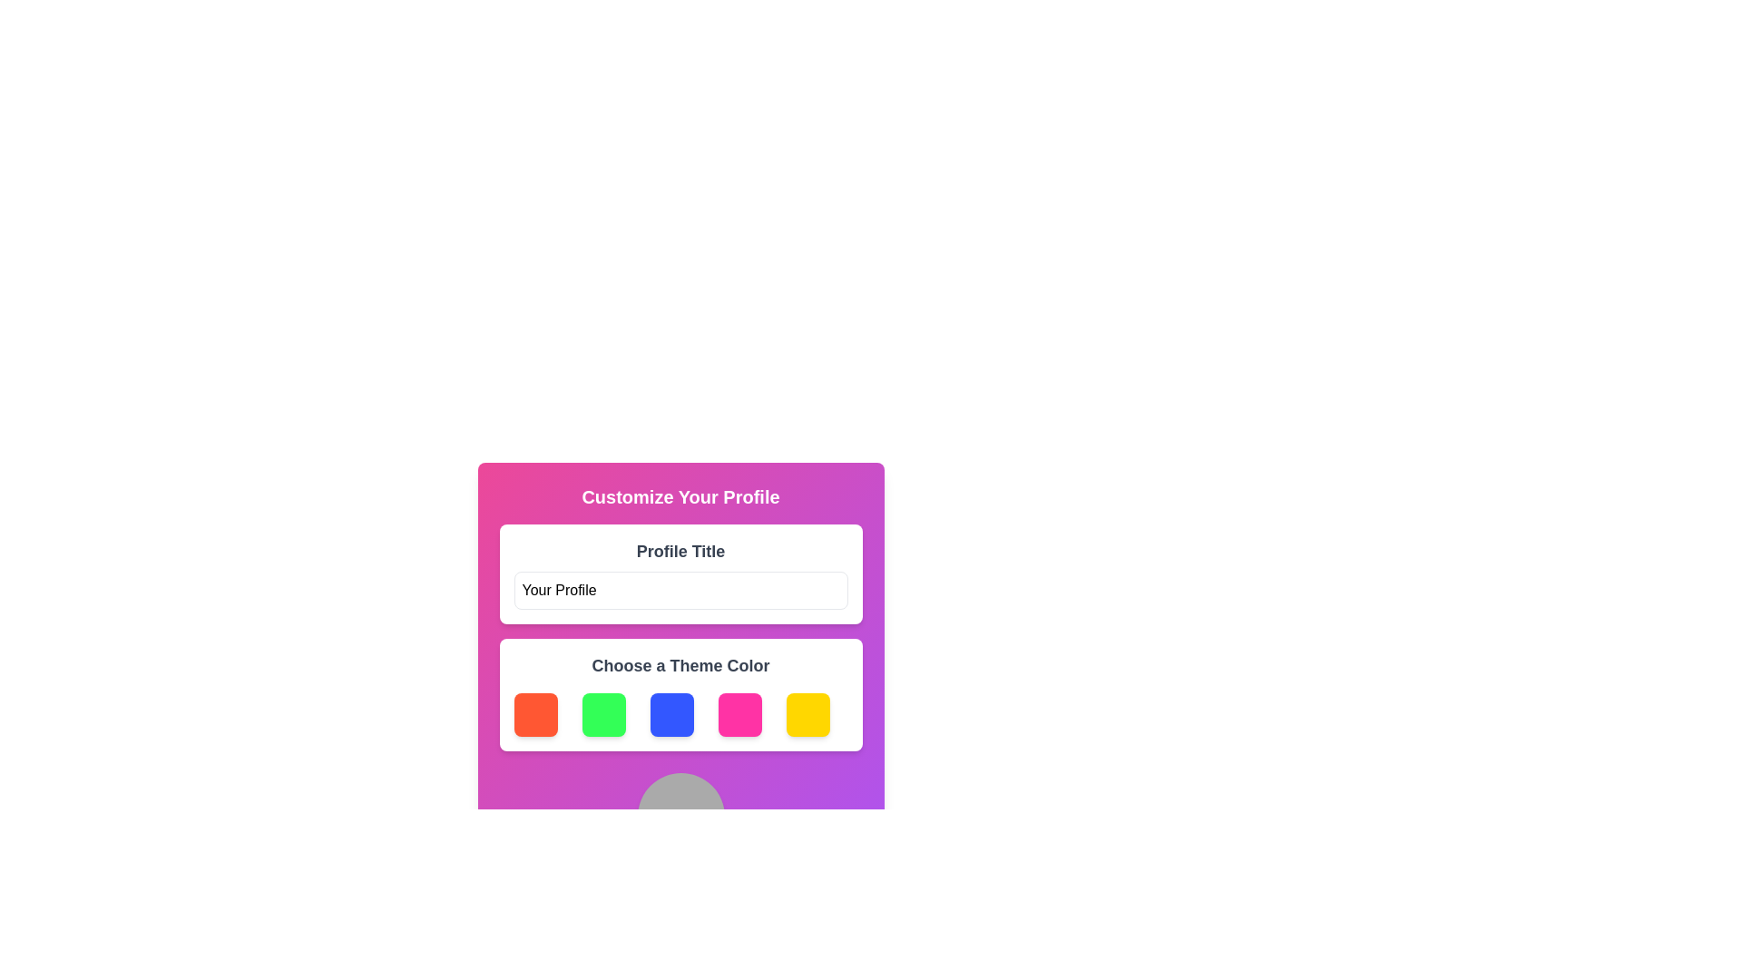 The width and height of the screenshot is (1742, 980). Describe the element at coordinates (534, 713) in the screenshot. I see `the first button on the left for selecting the red theme in the customizable theme selection interface` at that location.